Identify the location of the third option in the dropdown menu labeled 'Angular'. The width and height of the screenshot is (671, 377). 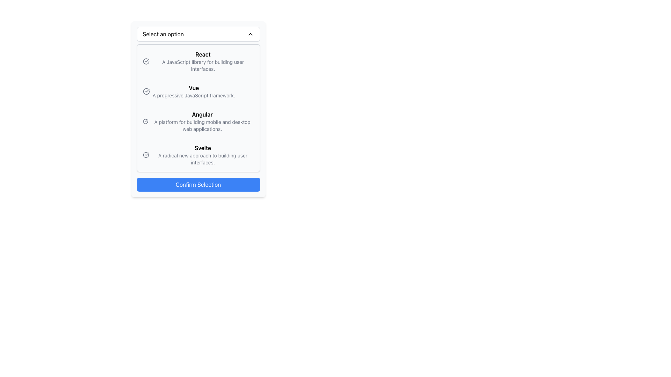
(202, 121).